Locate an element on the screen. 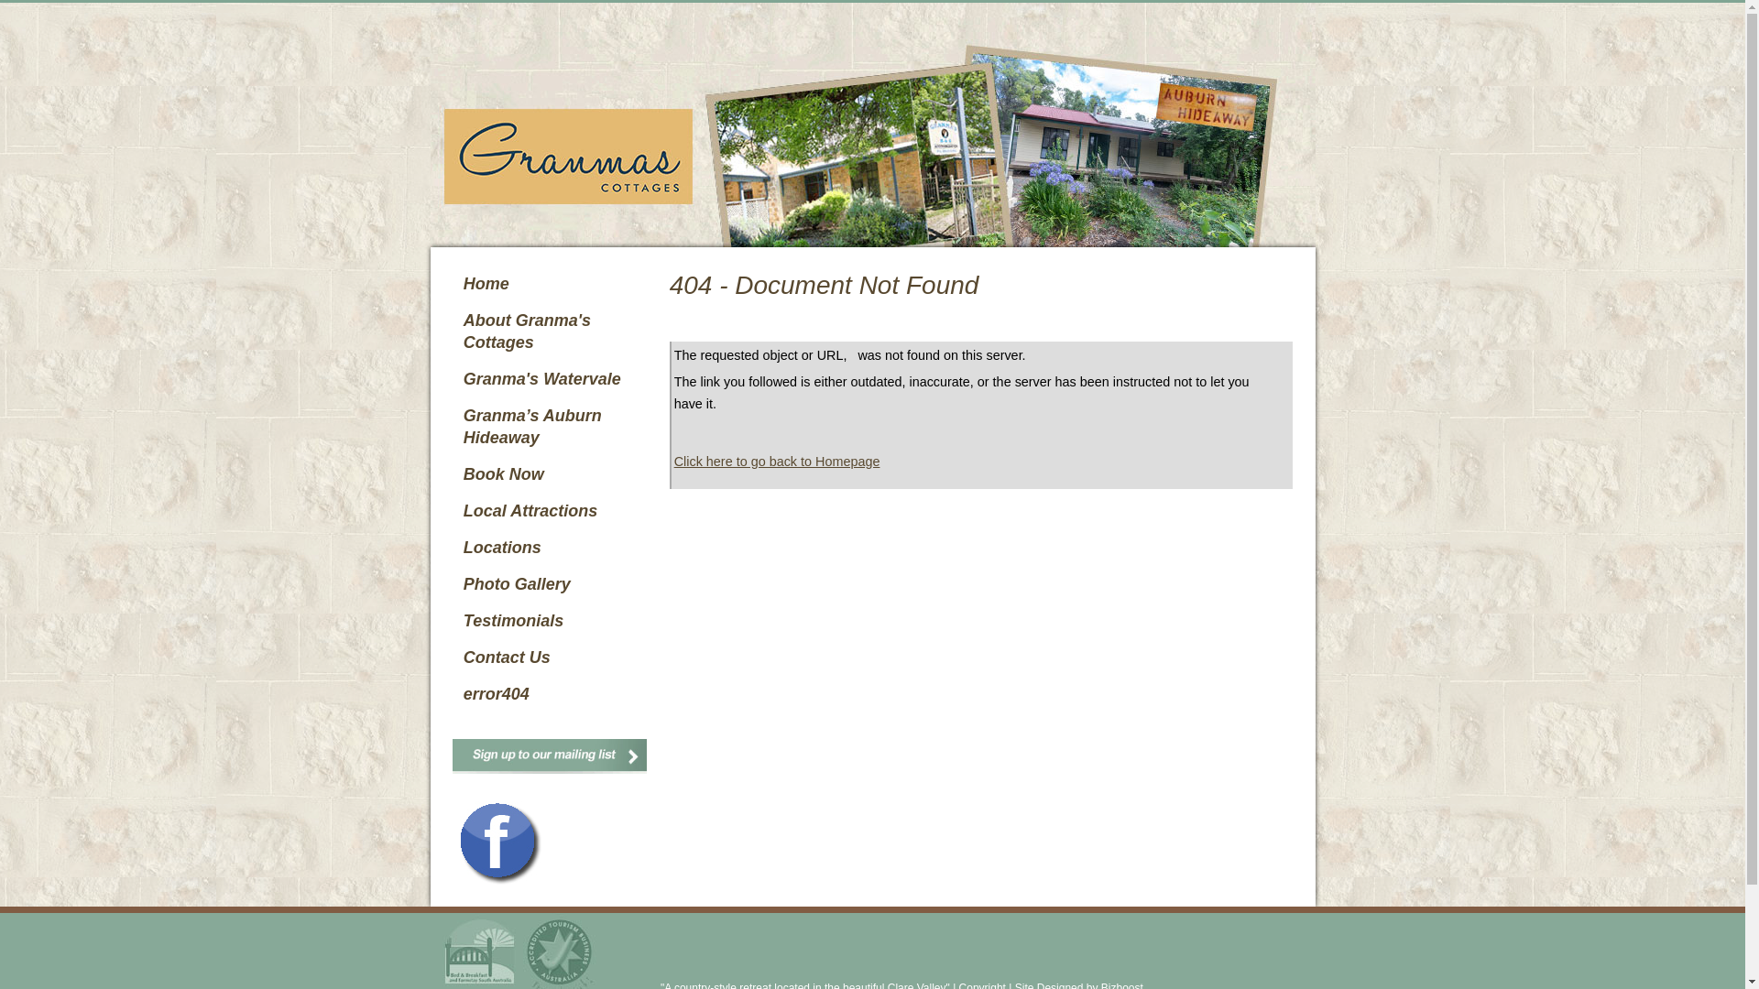 The width and height of the screenshot is (1759, 989). 'Click here to go back to Homepage' is located at coordinates (672, 461).